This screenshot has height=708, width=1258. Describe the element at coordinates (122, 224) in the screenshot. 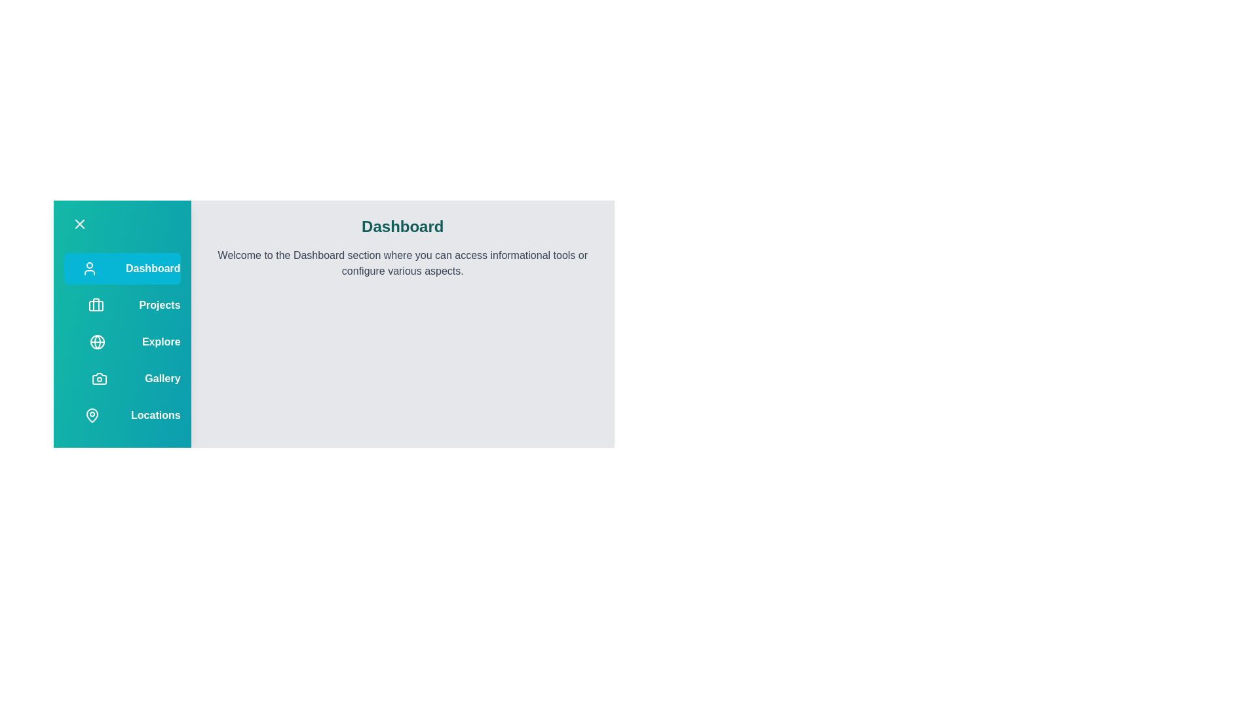

I see `the drawer toggle button to toggle its state` at that location.